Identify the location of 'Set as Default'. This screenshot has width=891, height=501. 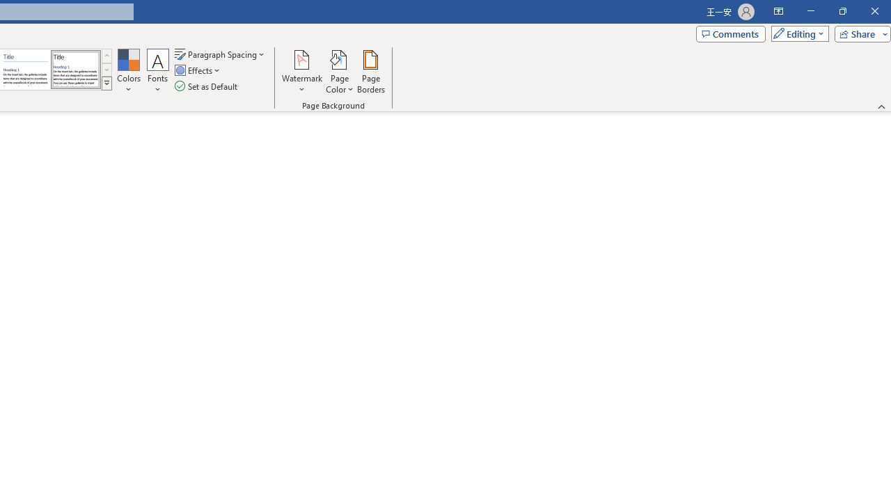
(207, 86).